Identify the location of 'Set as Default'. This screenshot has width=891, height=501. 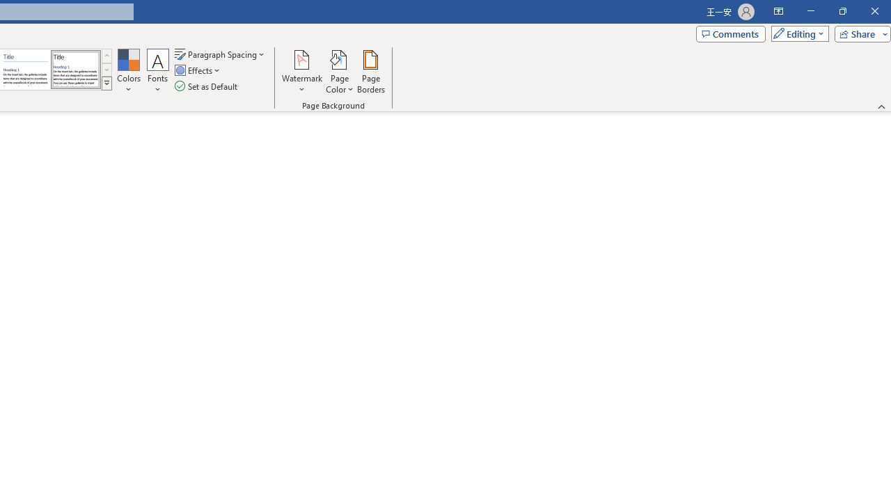
(207, 86).